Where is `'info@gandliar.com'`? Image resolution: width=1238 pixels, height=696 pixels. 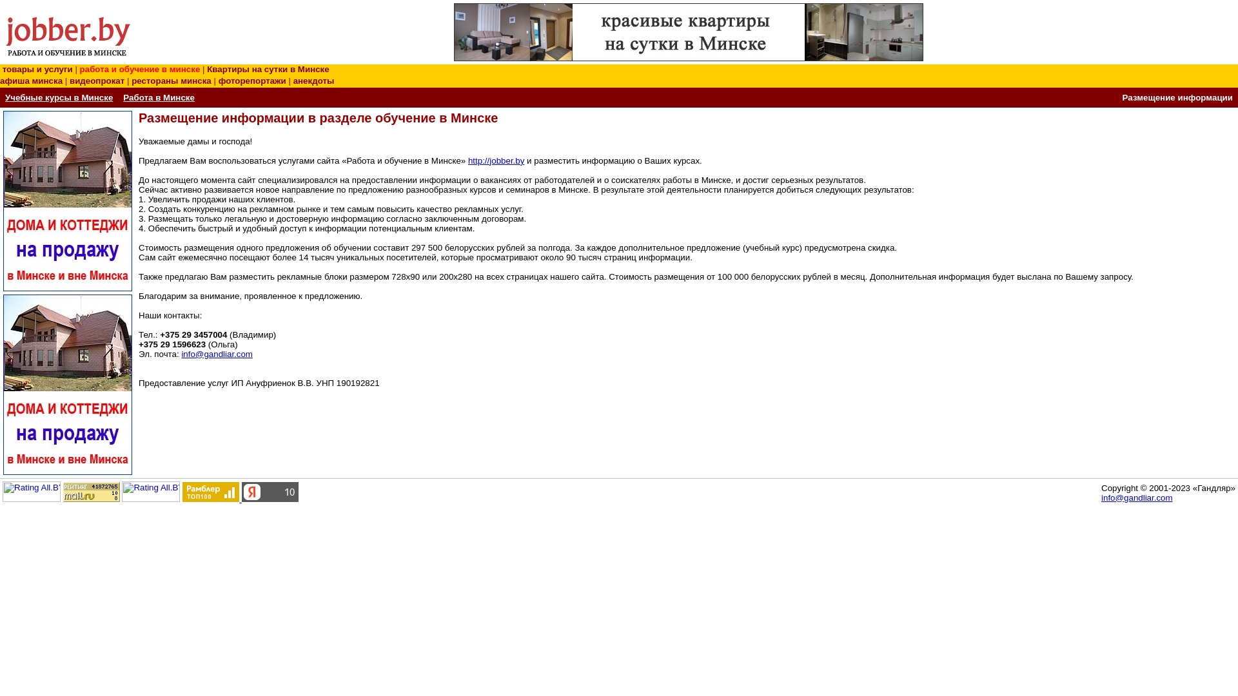
'info@gandliar.com' is located at coordinates (217, 354).